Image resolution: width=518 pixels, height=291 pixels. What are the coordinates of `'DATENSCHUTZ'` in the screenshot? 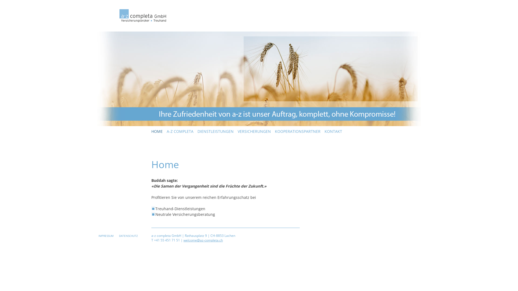 It's located at (129, 235).